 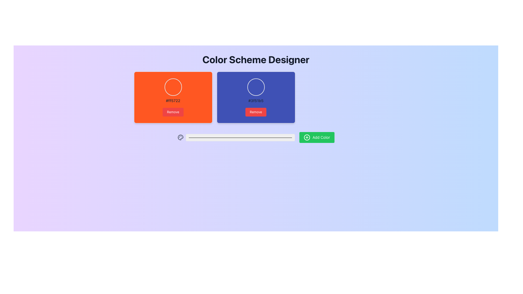 I want to click on the interactive color card located in the top-right corner of the grid layout, so click(x=256, y=97).